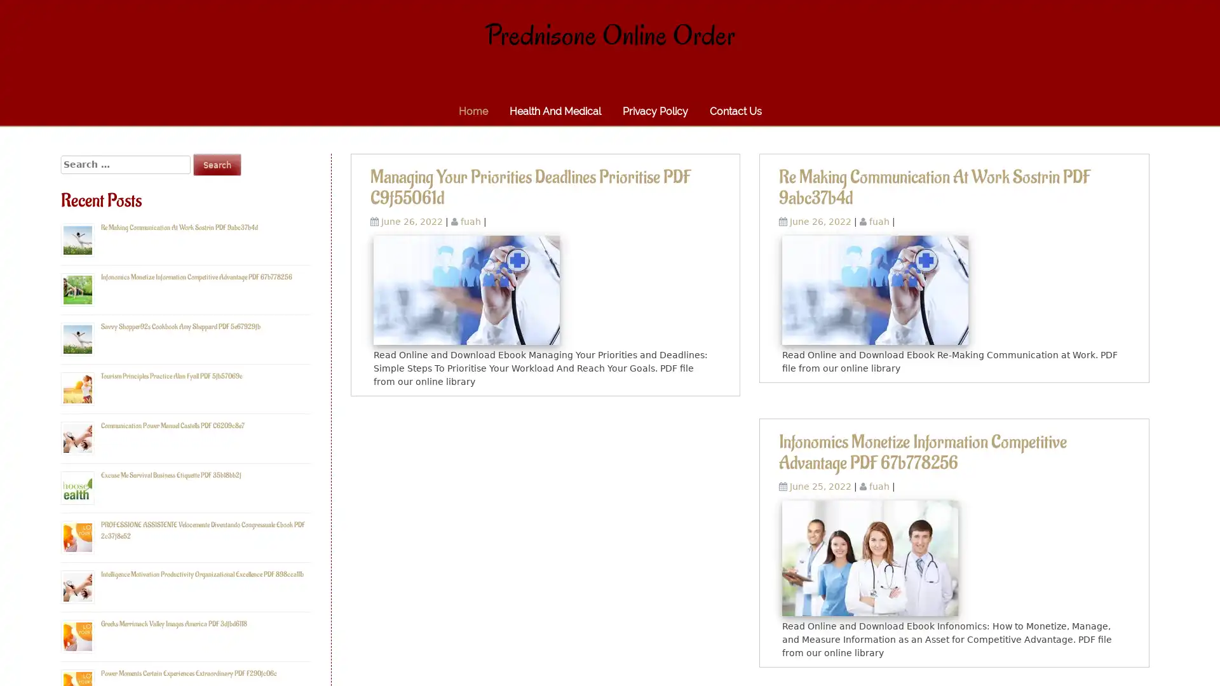 This screenshot has width=1220, height=686. Describe the element at coordinates (217, 164) in the screenshot. I see `Search` at that location.